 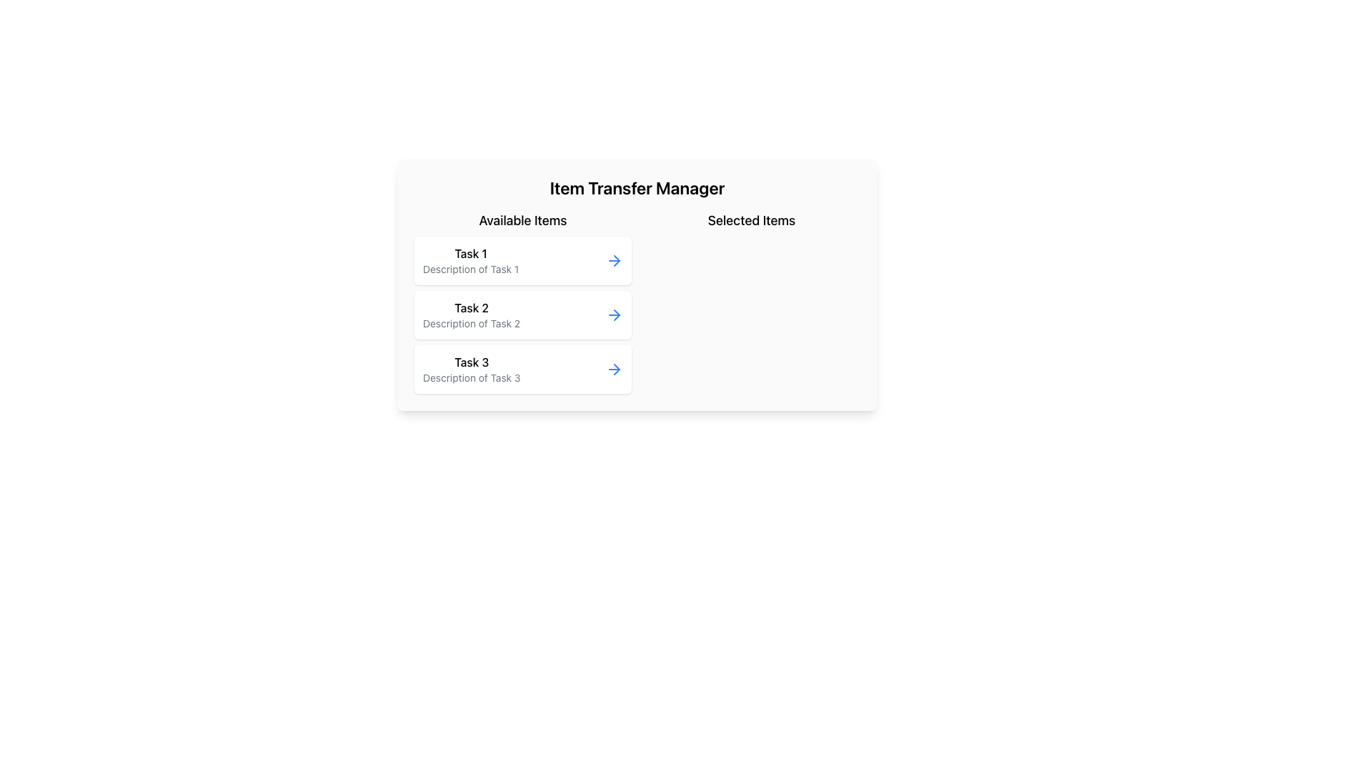 What do you see at coordinates (750, 220) in the screenshot?
I see `the 'Selected Items' text label, which is bold and medium-sized, located in the upper right portion of the interface, distinctively displayed in a clean white layout` at bounding box center [750, 220].